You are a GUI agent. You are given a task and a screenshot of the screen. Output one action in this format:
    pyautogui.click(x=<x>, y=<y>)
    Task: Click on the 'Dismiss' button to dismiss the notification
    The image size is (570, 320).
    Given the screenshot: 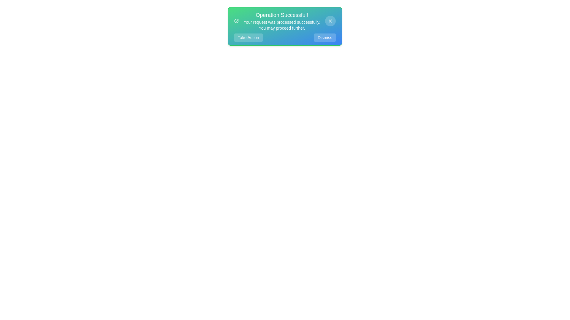 What is the action you would take?
    pyautogui.click(x=324, y=38)
    